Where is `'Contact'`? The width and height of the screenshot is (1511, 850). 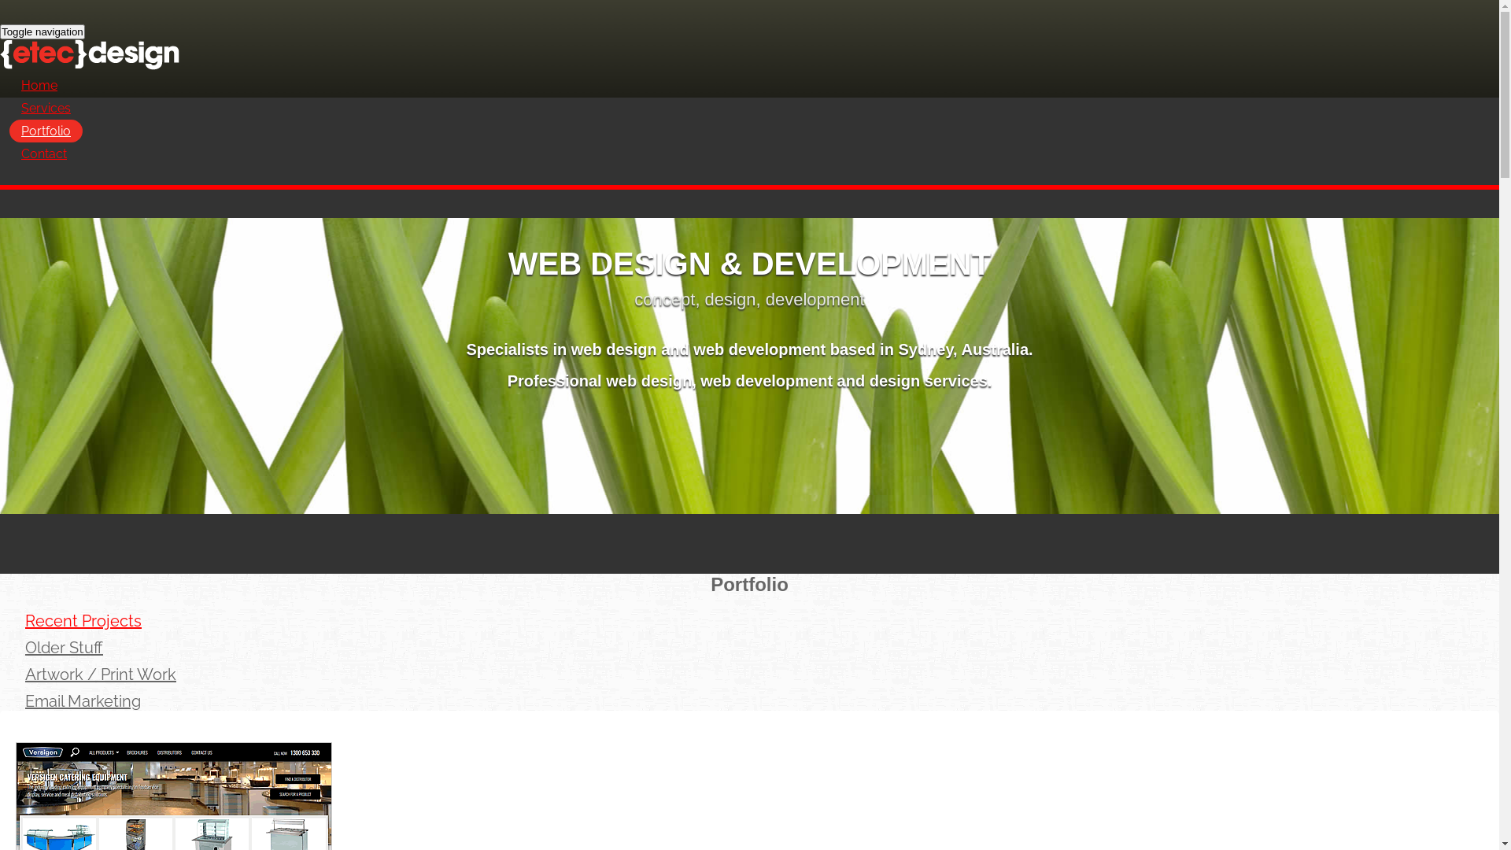
'Contact' is located at coordinates (44, 153).